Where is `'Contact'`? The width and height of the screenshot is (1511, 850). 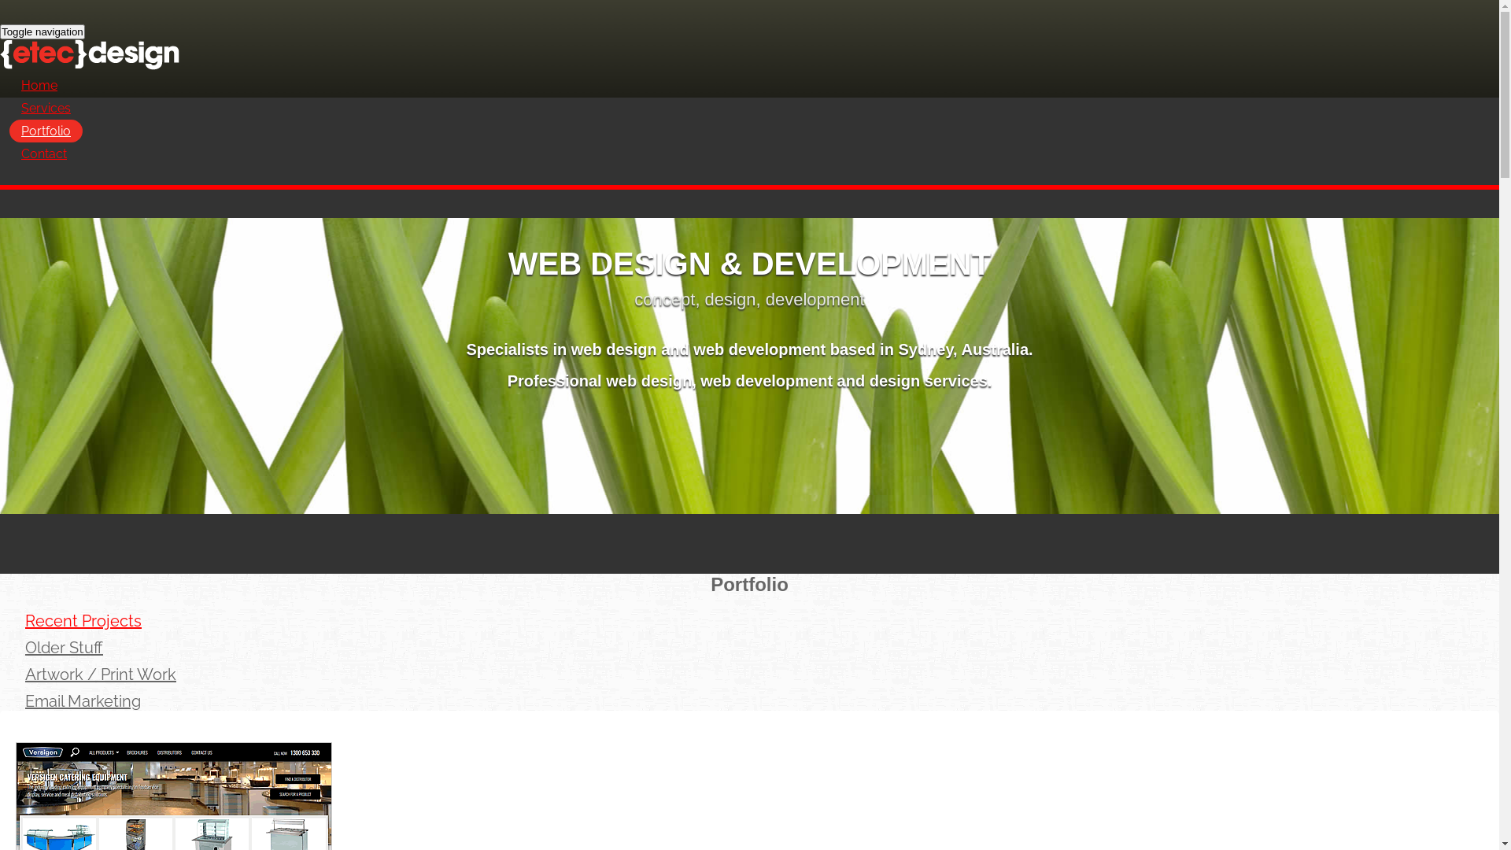
'Contact' is located at coordinates (44, 153).